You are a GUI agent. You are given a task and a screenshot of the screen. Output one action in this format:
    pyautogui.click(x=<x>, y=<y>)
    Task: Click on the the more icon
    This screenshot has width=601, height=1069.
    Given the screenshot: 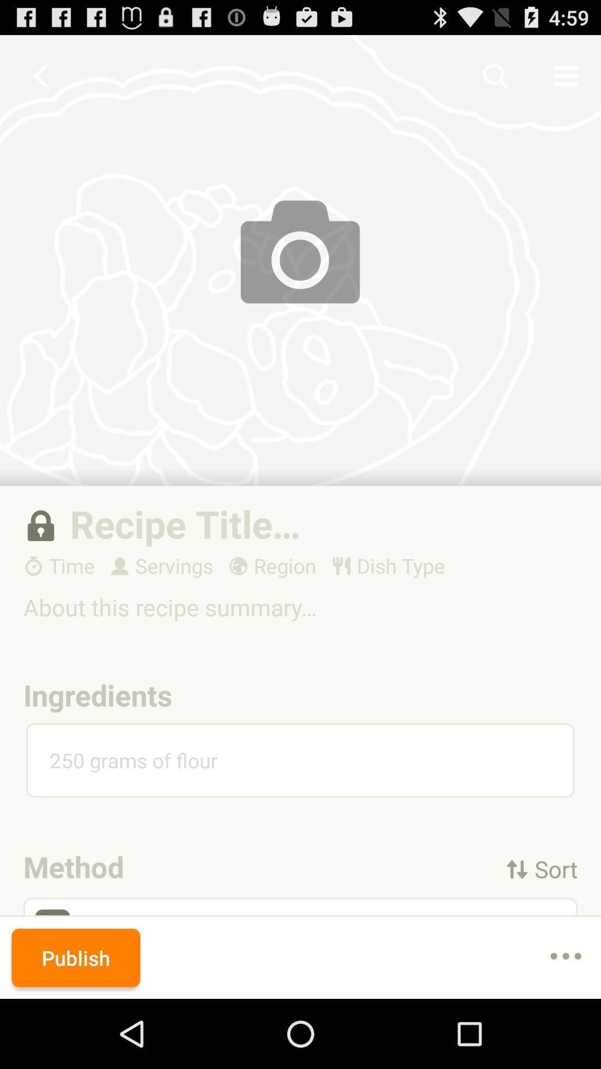 What is the action you would take?
    pyautogui.click(x=566, y=1024)
    